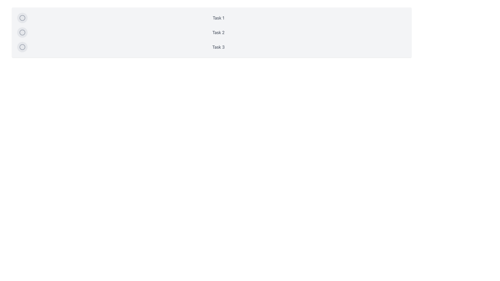  I want to click on the visual indicator button associated with 'Task 3' to trigger a visual effect, so click(22, 47).